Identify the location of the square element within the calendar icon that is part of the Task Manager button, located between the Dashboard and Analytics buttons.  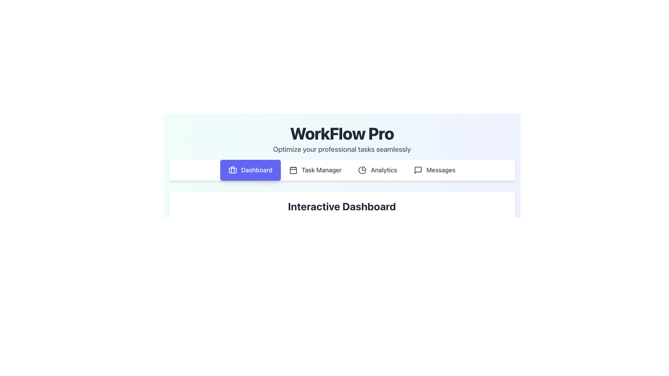
(293, 170).